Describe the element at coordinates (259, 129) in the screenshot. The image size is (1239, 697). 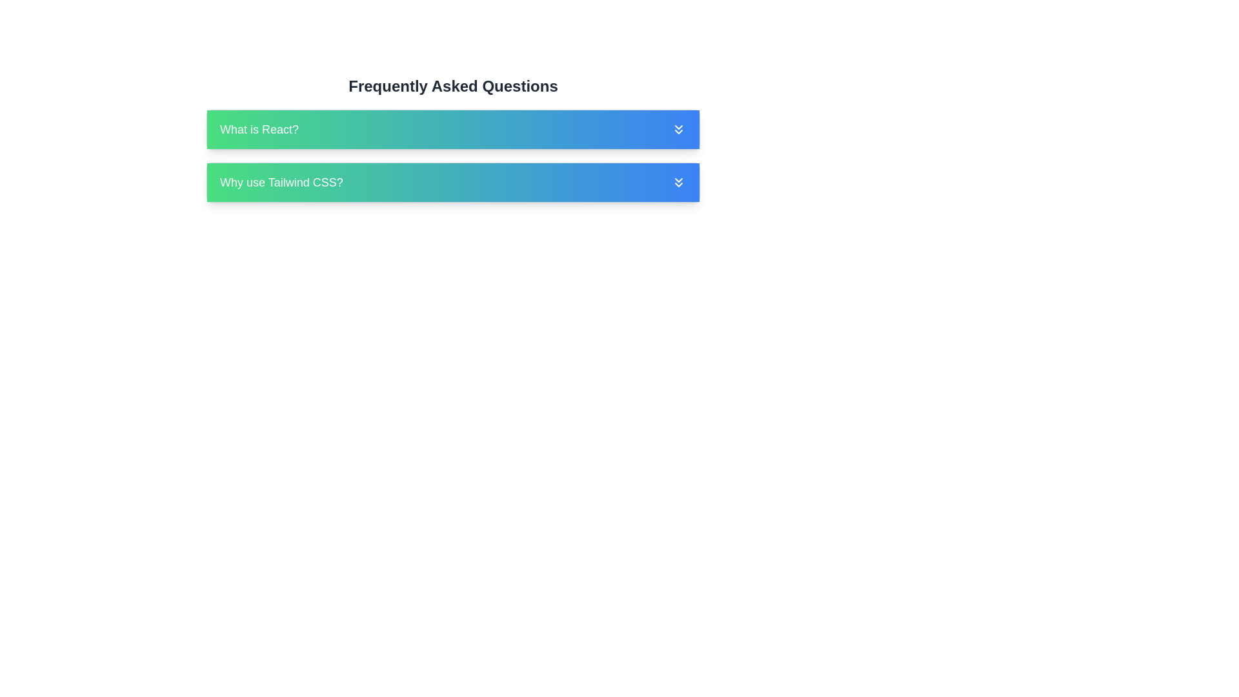
I see `the text label displaying 'What is React?'` at that location.